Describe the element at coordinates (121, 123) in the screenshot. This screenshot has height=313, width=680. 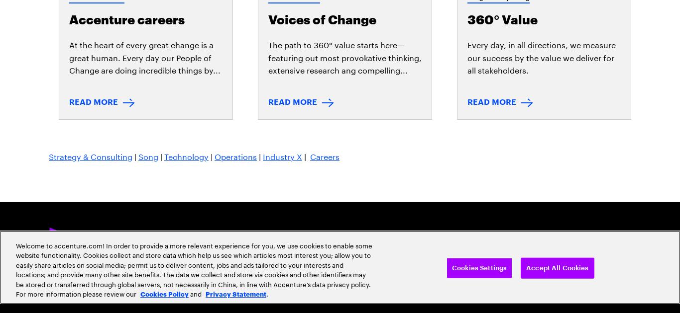
I see `'About Us'` at that location.